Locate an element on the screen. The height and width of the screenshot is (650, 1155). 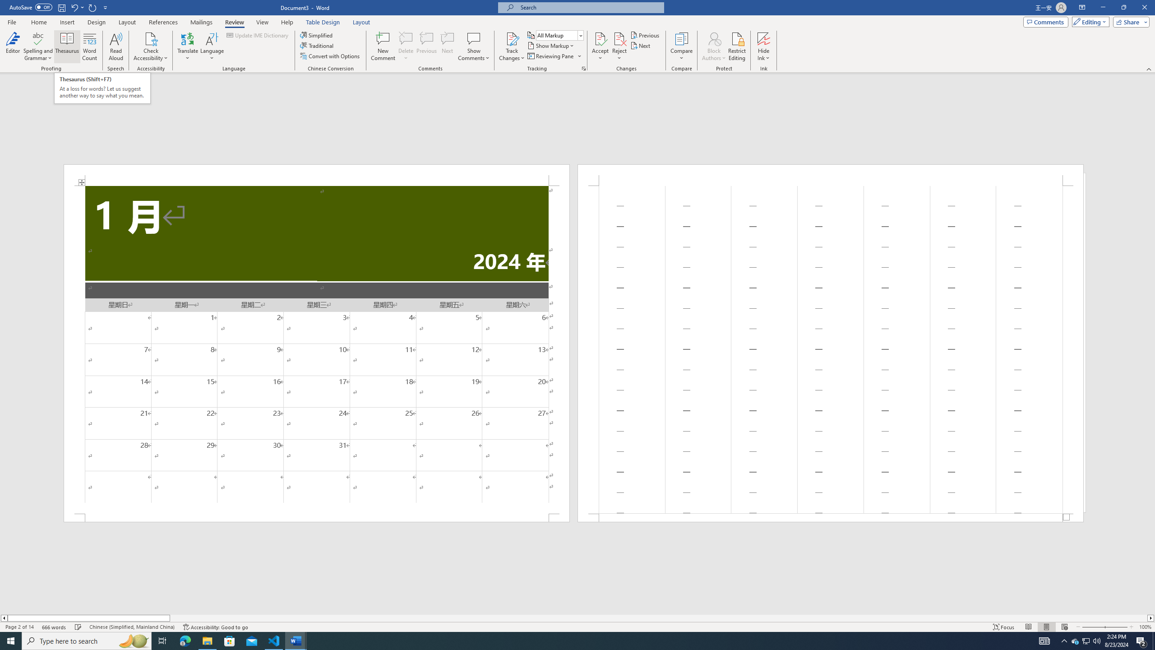
'Hide Ink' is located at coordinates (763, 38).